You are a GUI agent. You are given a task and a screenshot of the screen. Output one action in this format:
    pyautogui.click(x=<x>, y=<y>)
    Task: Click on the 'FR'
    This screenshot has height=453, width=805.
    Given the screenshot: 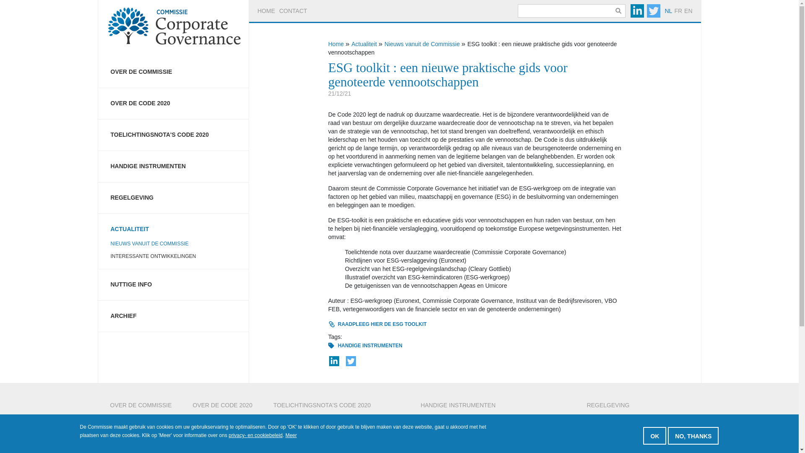 What is the action you would take?
    pyautogui.click(x=678, y=11)
    